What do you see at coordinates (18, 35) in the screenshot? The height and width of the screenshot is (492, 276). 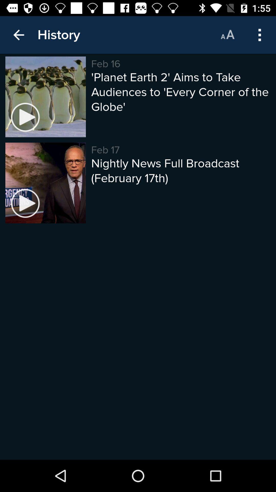 I see `icon next to the history icon` at bounding box center [18, 35].